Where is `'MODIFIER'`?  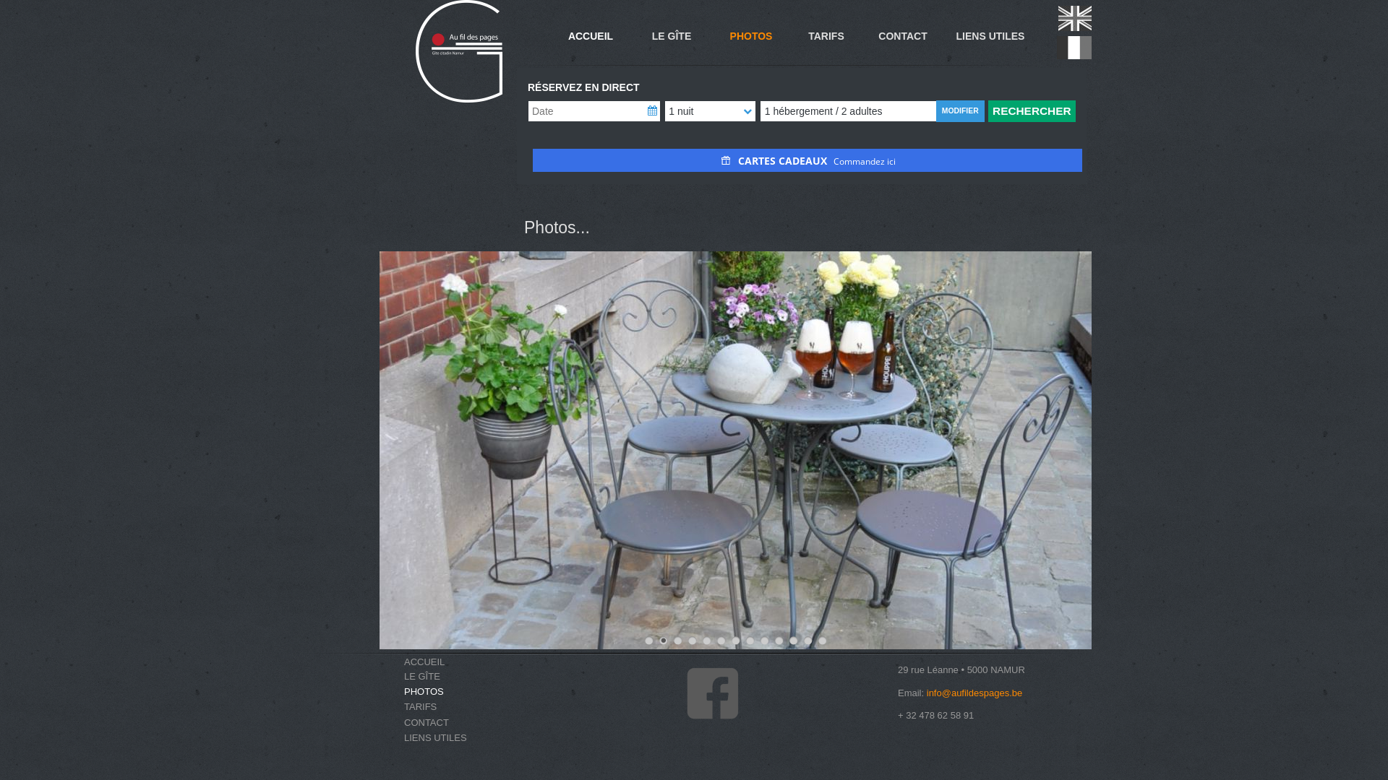
'MODIFIER' is located at coordinates (936, 110).